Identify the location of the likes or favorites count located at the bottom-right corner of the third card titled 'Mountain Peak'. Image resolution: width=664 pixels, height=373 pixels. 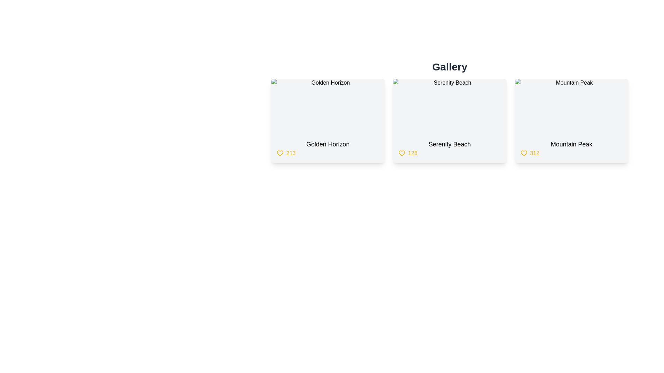
(571, 153).